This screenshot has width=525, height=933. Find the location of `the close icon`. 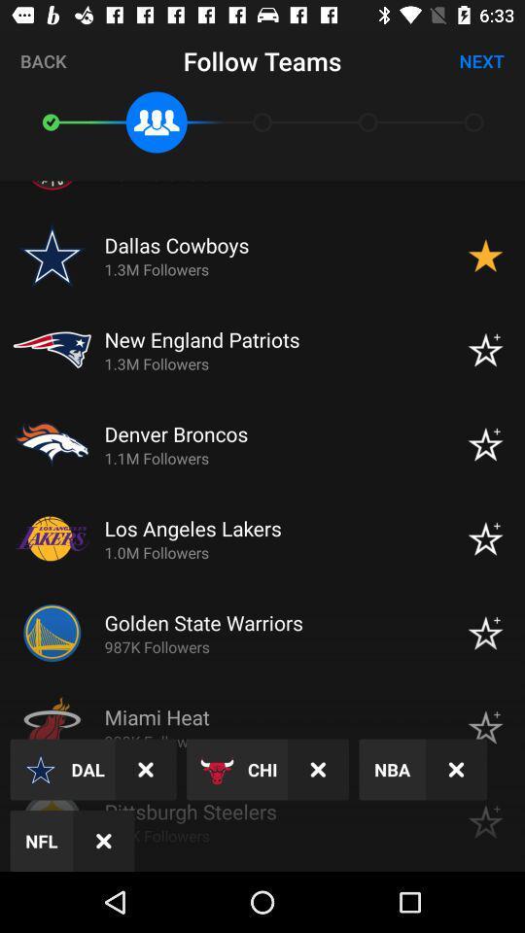

the close icon is located at coordinates (456, 770).